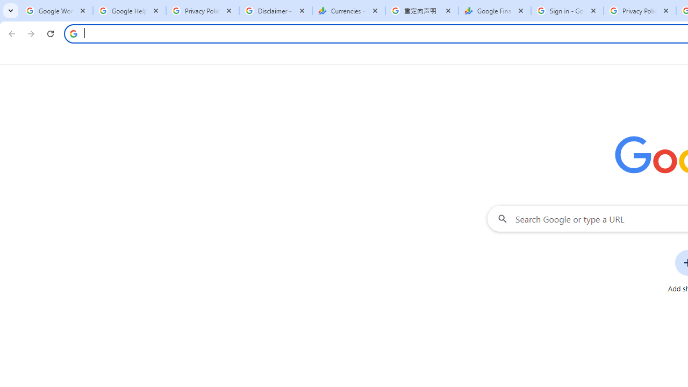 The width and height of the screenshot is (688, 387). I want to click on 'Currencies - Google Finance', so click(348, 11).